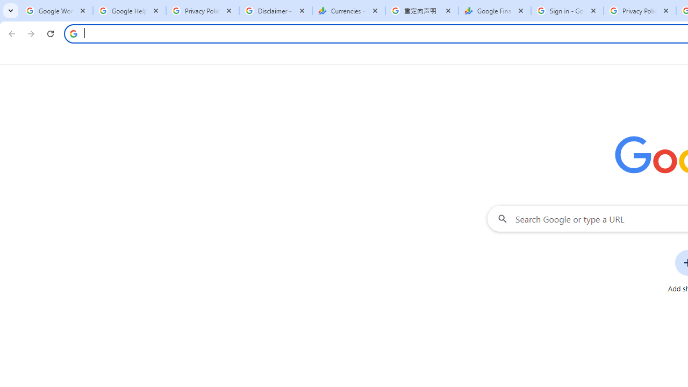 The width and height of the screenshot is (688, 387). I want to click on 'Currencies - Google Finance', so click(348, 11).